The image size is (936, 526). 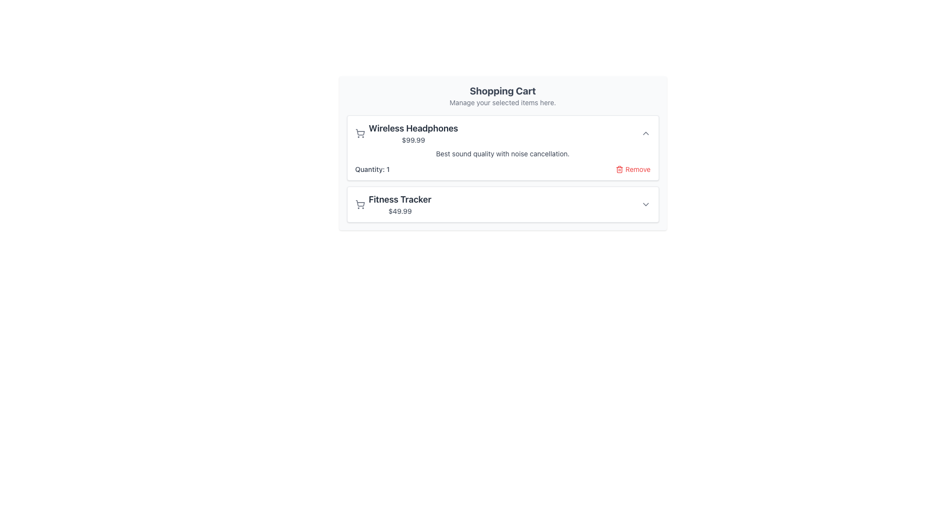 What do you see at coordinates (503, 169) in the screenshot?
I see `'Quantity: 1' information displayed on the cart item for 'Wireless Headphones', which is located to the left of the interactive 'Remove' button` at bounding box center [503, 169].